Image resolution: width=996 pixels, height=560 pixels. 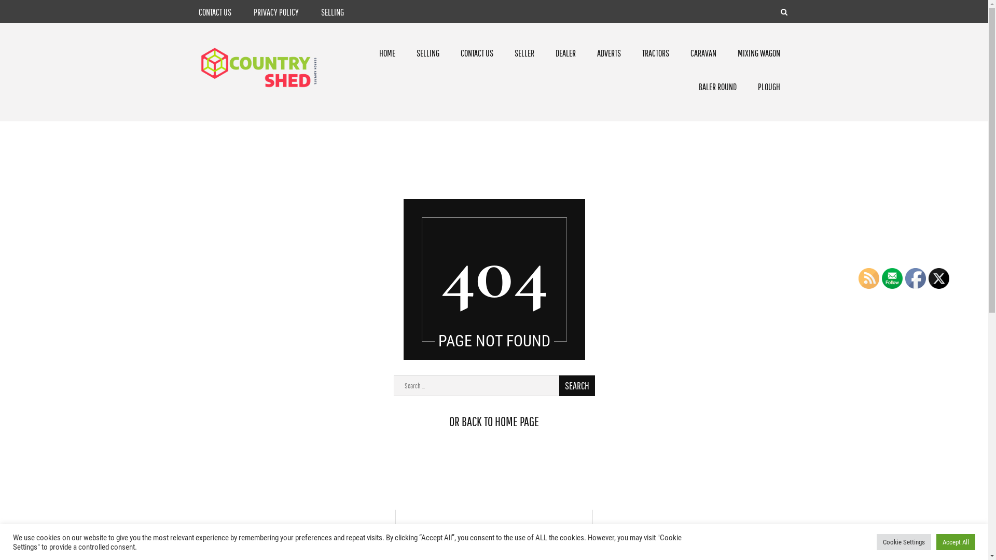 What do you see at coordinates (938, 277) in the screenshot?
I see `'Twitter'` at bounding box center [938, 277].